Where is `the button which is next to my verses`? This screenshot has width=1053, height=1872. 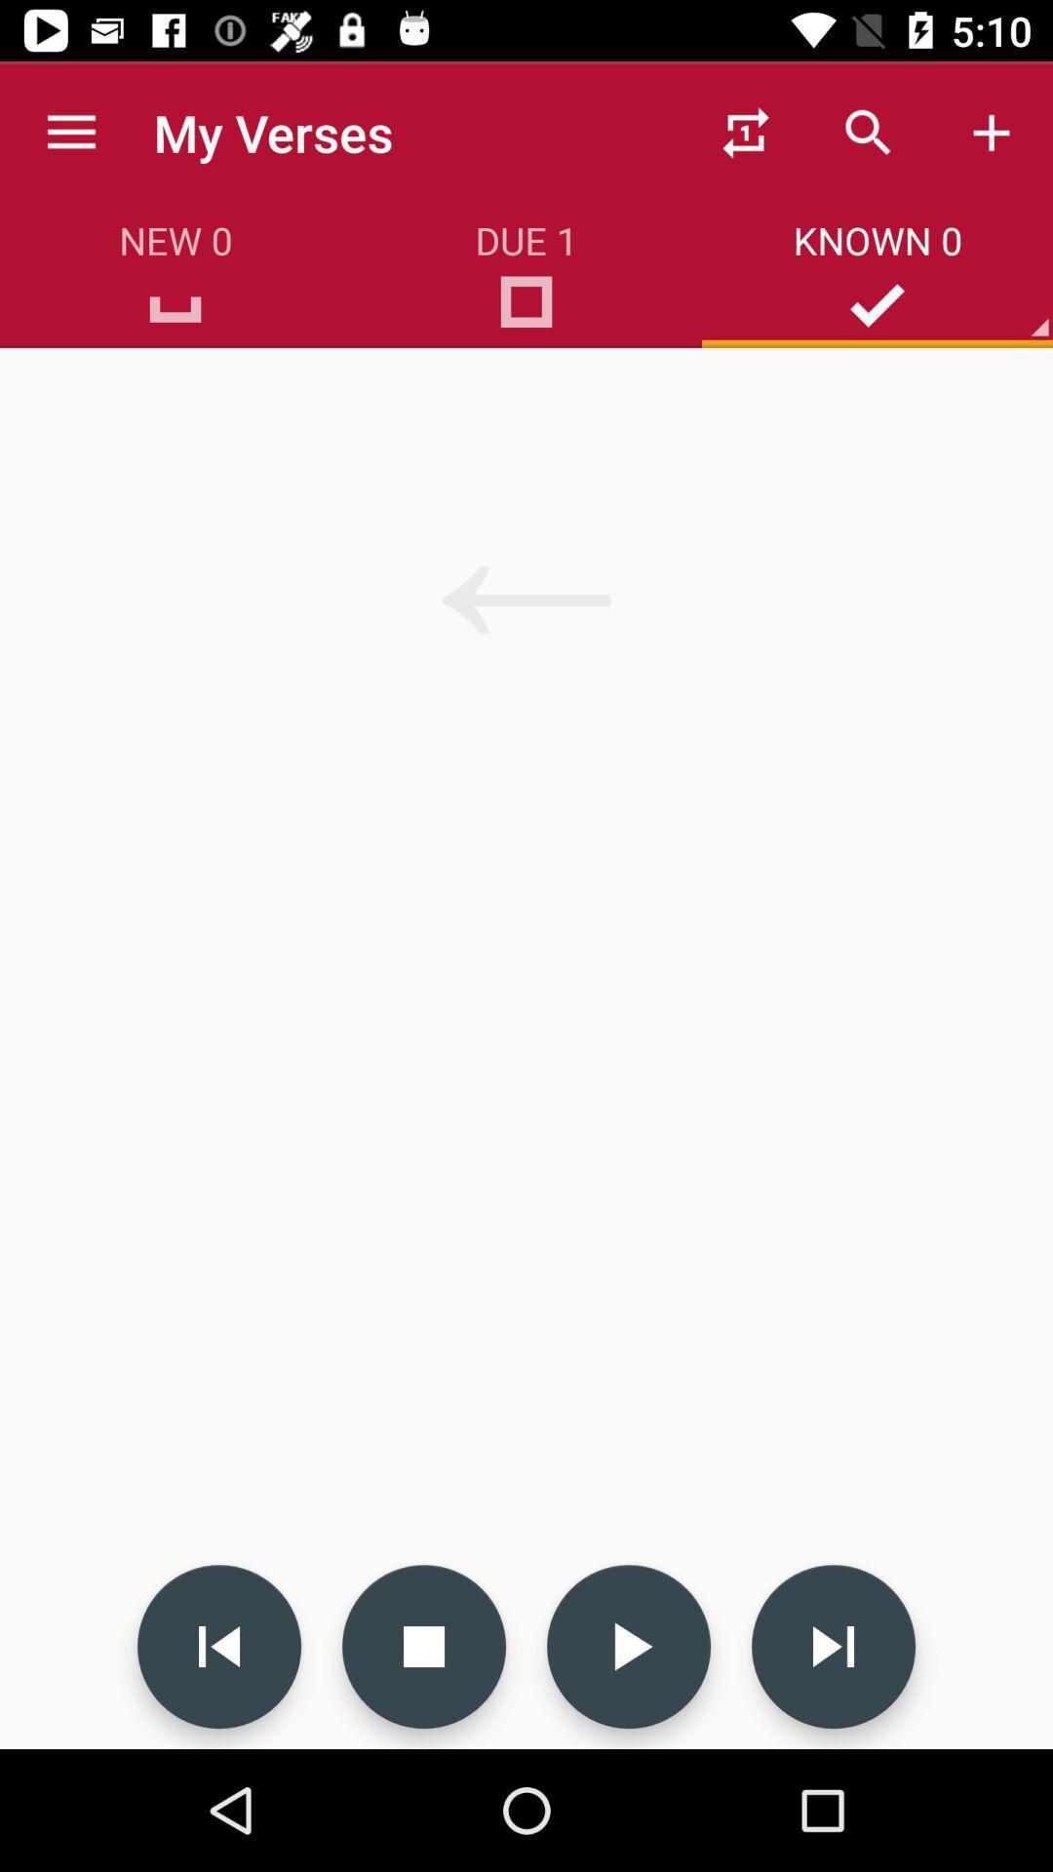 the button which is next to my verses is located at coordinates (745, 133).